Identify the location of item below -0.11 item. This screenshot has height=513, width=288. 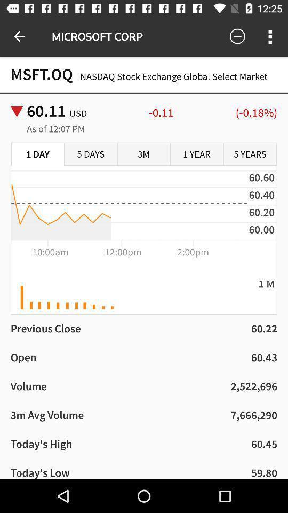
(250, 154).